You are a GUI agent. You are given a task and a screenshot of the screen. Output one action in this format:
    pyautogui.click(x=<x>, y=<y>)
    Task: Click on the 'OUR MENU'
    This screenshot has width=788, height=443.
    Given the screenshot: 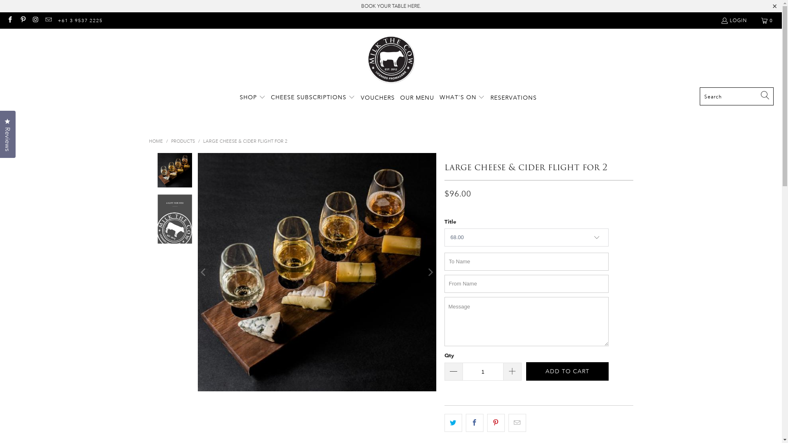 What is the action you would take?
    pyautogui.click(x=417, y=97)
    